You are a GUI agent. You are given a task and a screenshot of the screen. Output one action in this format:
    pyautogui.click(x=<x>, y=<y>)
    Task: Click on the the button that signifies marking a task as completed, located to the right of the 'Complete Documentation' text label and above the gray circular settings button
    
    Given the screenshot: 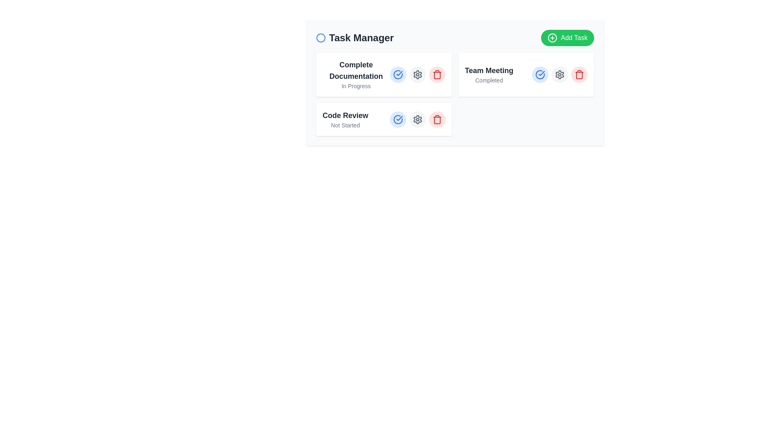 What is the action you would take?
    pyautogui.click(x=398, y=74)
    